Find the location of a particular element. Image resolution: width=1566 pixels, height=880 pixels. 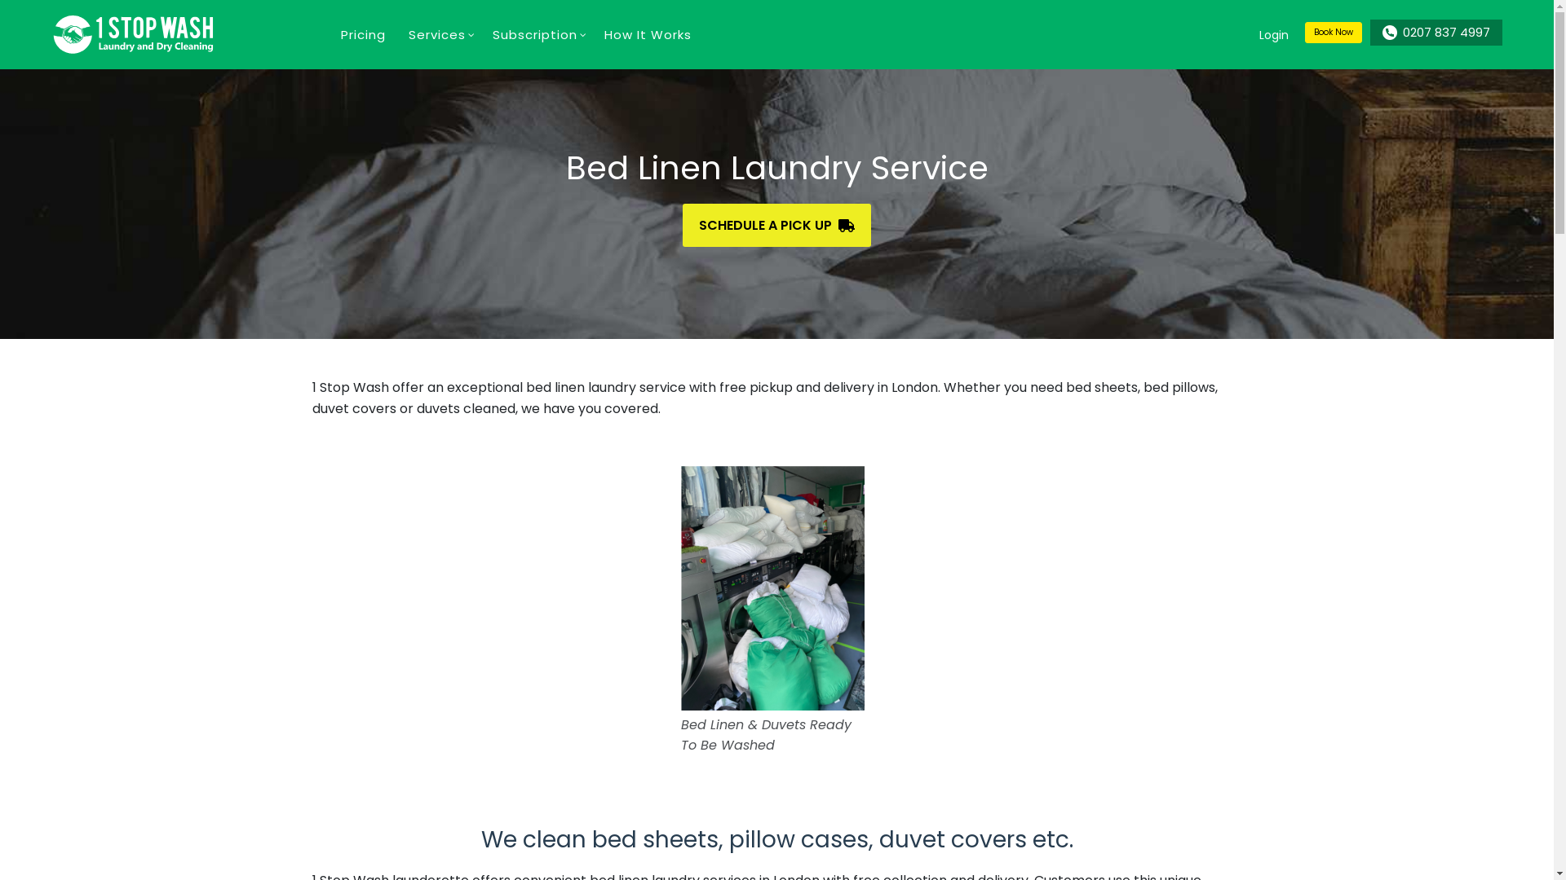

'Pricing' is located at coordinates (362, 34).